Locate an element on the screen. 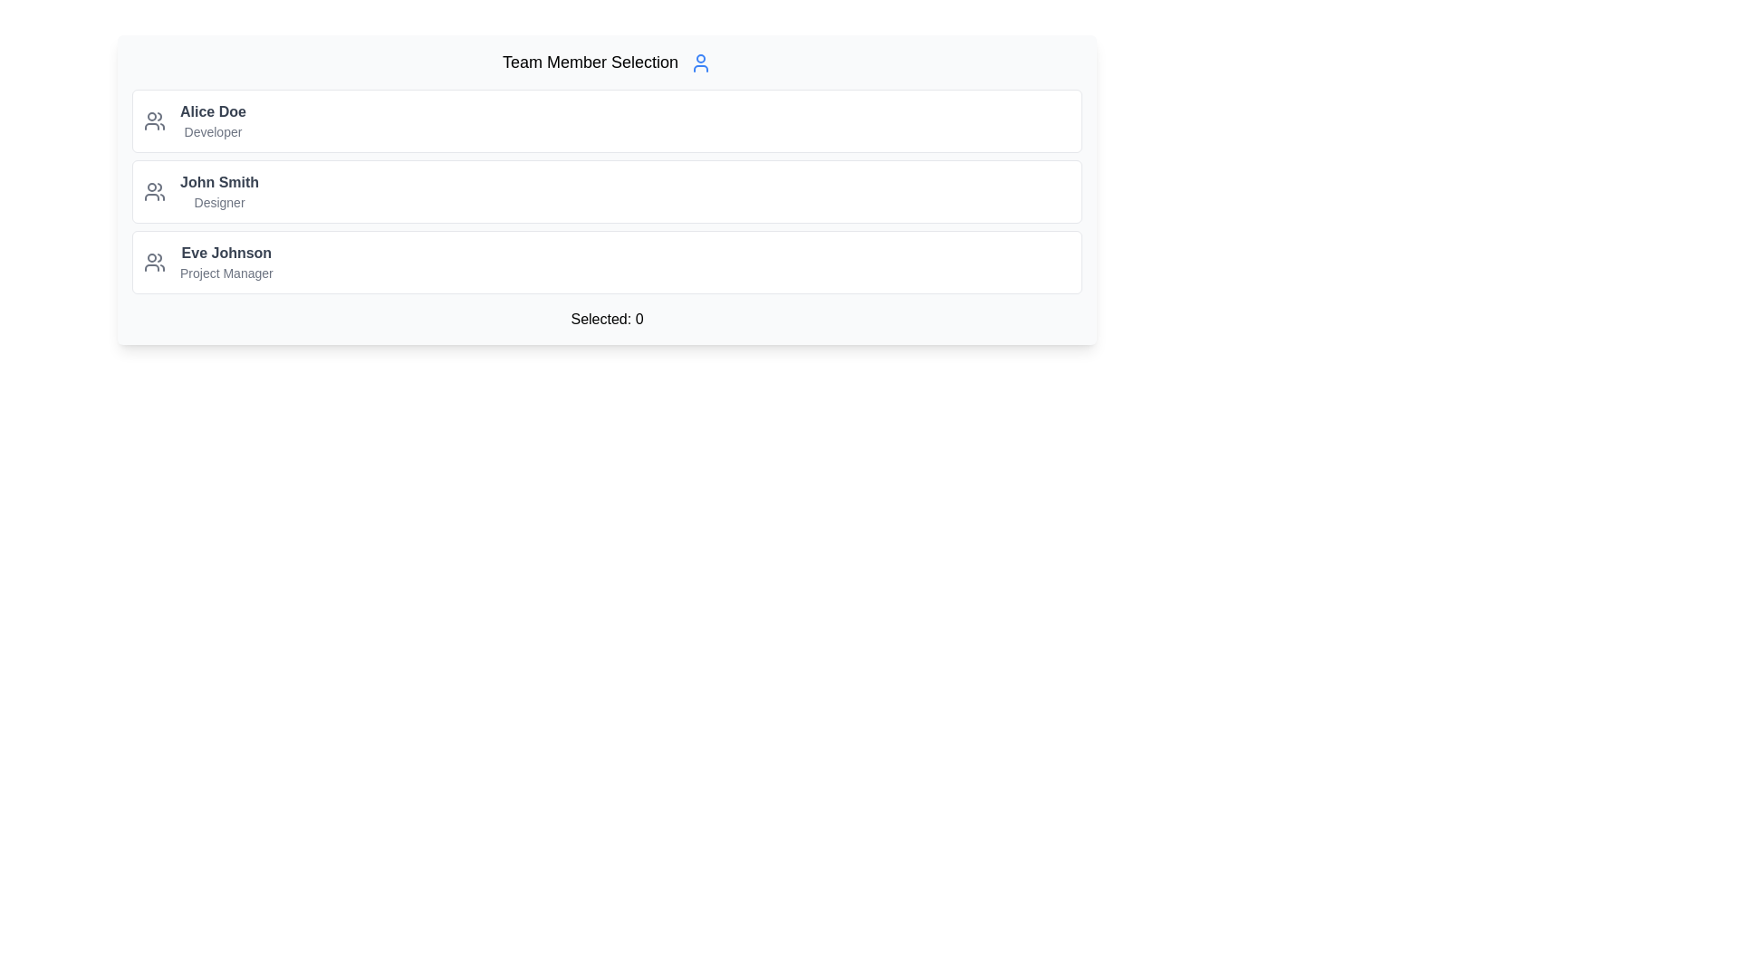 This screenshot has height=978, width=1739. the text label 'Eve Johnson', which is the first line in a list of team members styled in bold gray font is located at coordinates (226, 254).